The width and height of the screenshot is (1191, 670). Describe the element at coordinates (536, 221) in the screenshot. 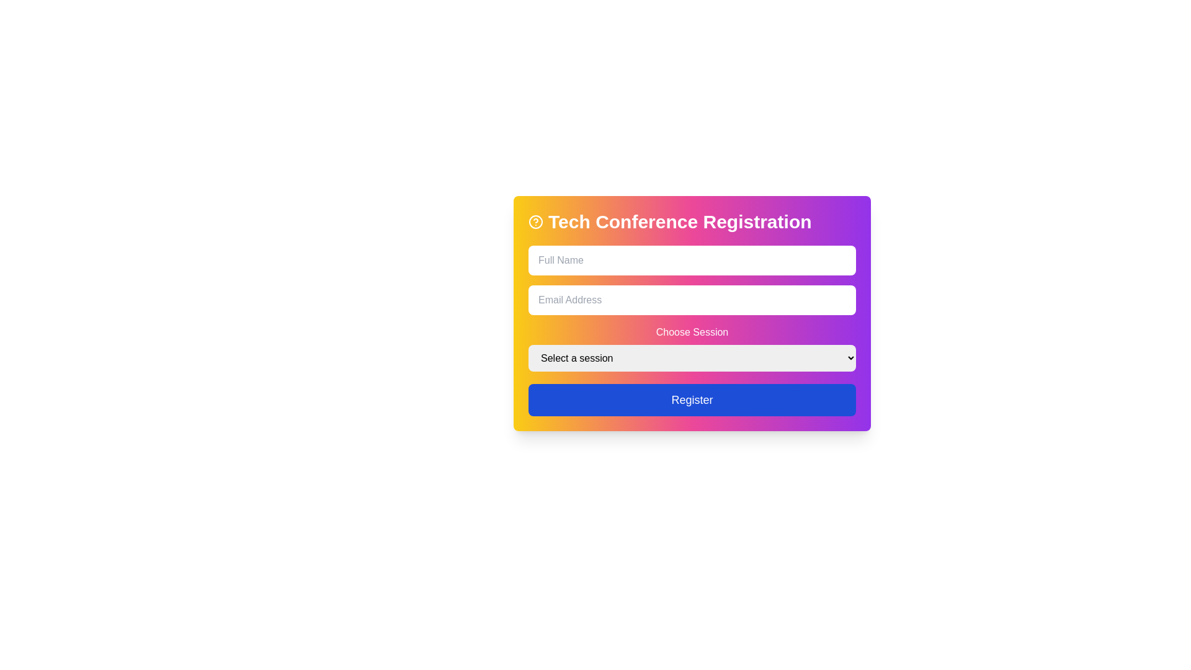

I see `the help icon located at the top-left corner of the registration form header, adjacent to the text 'Tech Conference Registration'` at that location.